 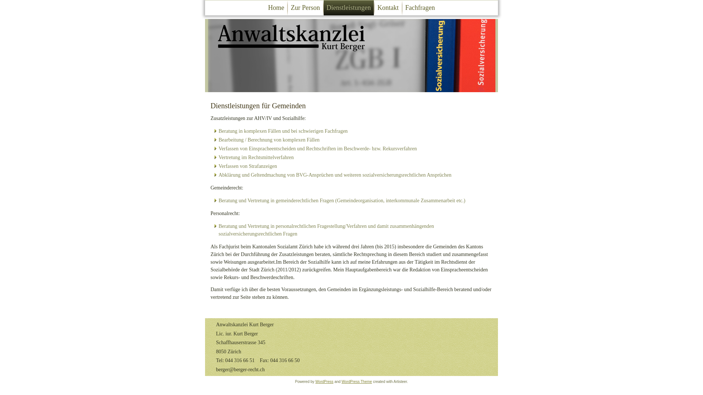 I want to click on 'Dienstleistungen', so click(x=323, y=8).